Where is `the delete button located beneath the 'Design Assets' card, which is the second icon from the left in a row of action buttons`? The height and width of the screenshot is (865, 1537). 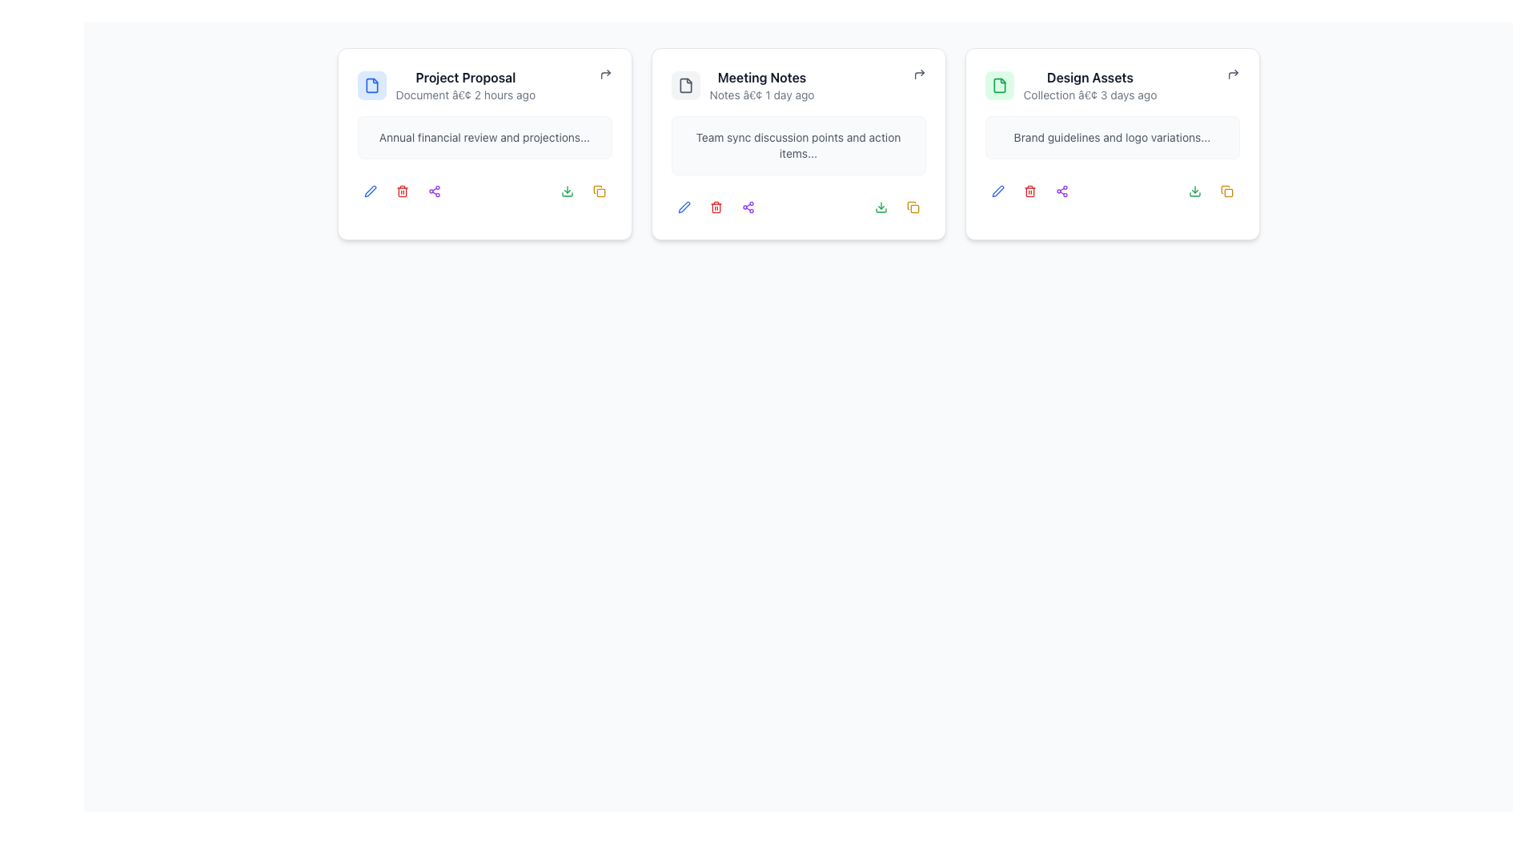 the delete button located beneath the 'Design Assets' card, which is the second icon from the left in a row of action buttons is located at coordinates (1029, 191).